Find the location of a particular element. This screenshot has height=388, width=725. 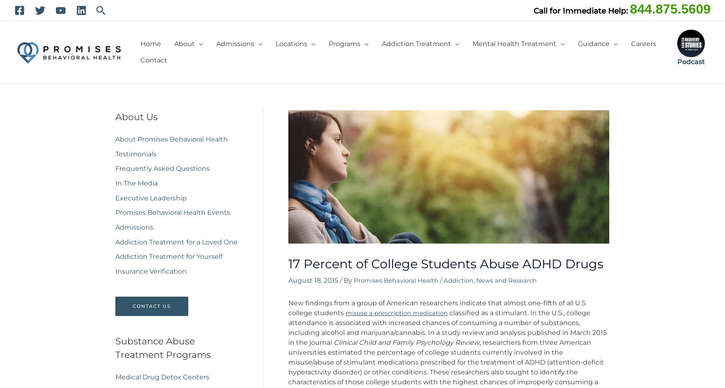

'Guidance' is located at coordinates (594, 44).